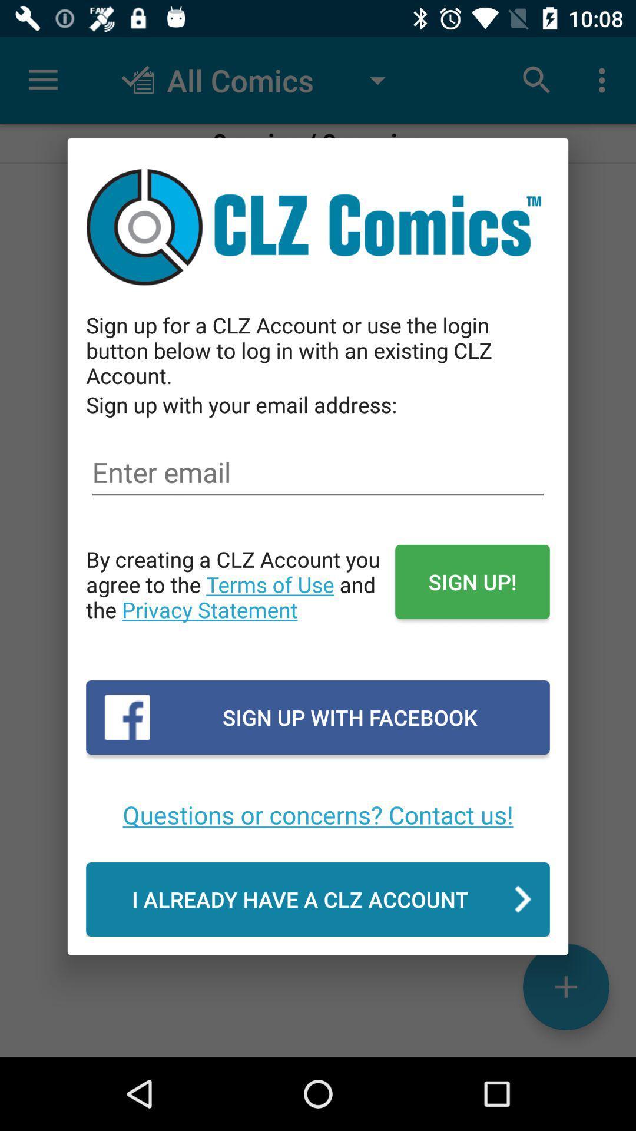 Image resolution: width=636 pixels, height=1131 pixels. I want to click on the i already have, so click(318, 898).